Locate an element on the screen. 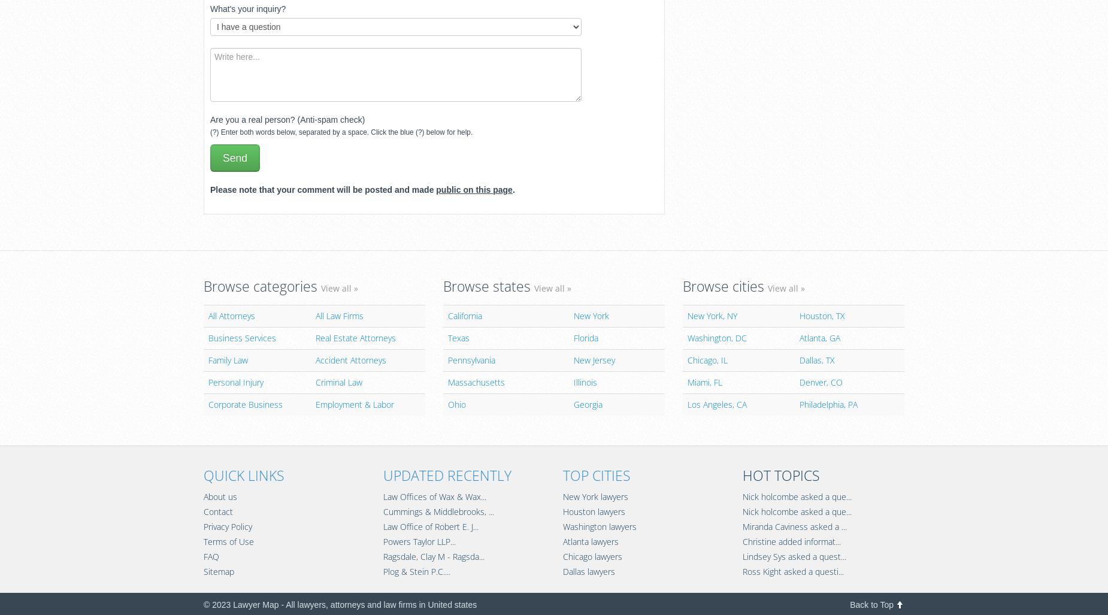  'Illinois' is located at coordinates (584, 381).